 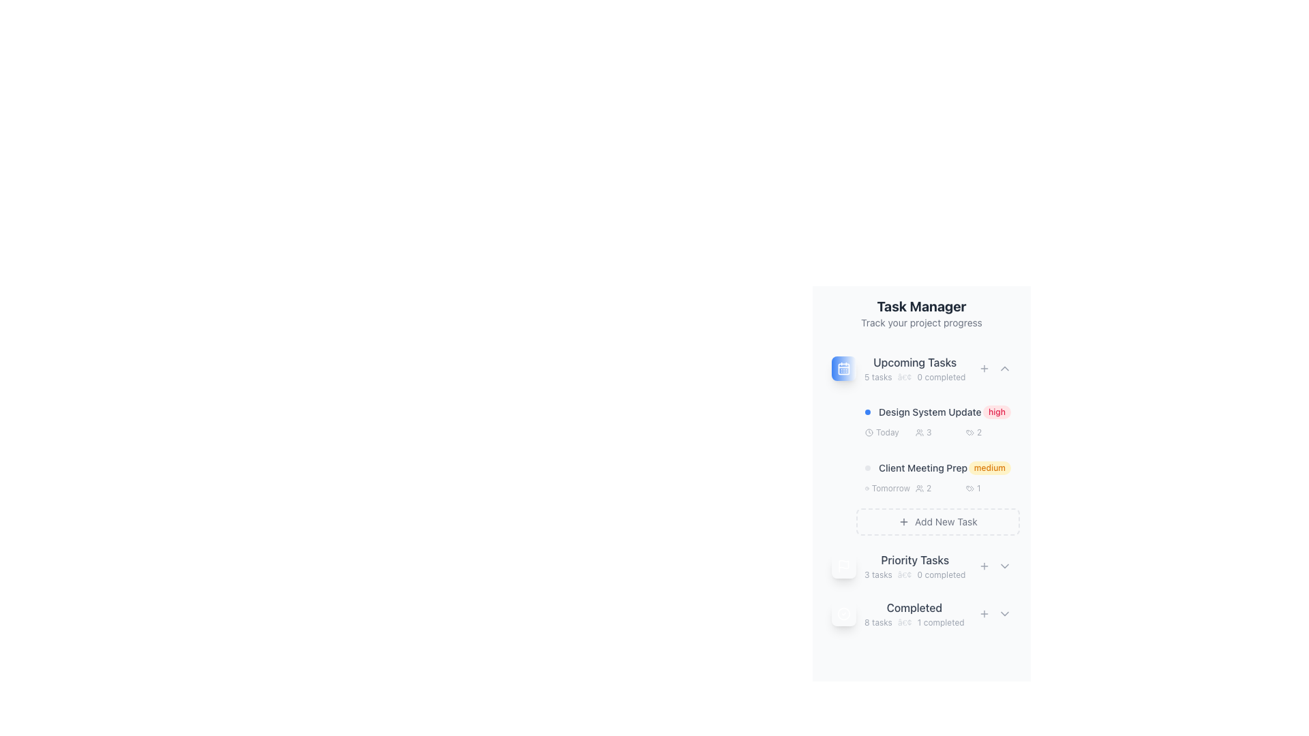 I want to click on label with the text 'medium', which is a sand-yellow rounded rectangular badge located to the right of the 'Client Meeting Prep' text in the 'Upcoming Tasks' section, so click(x=989, y=467).